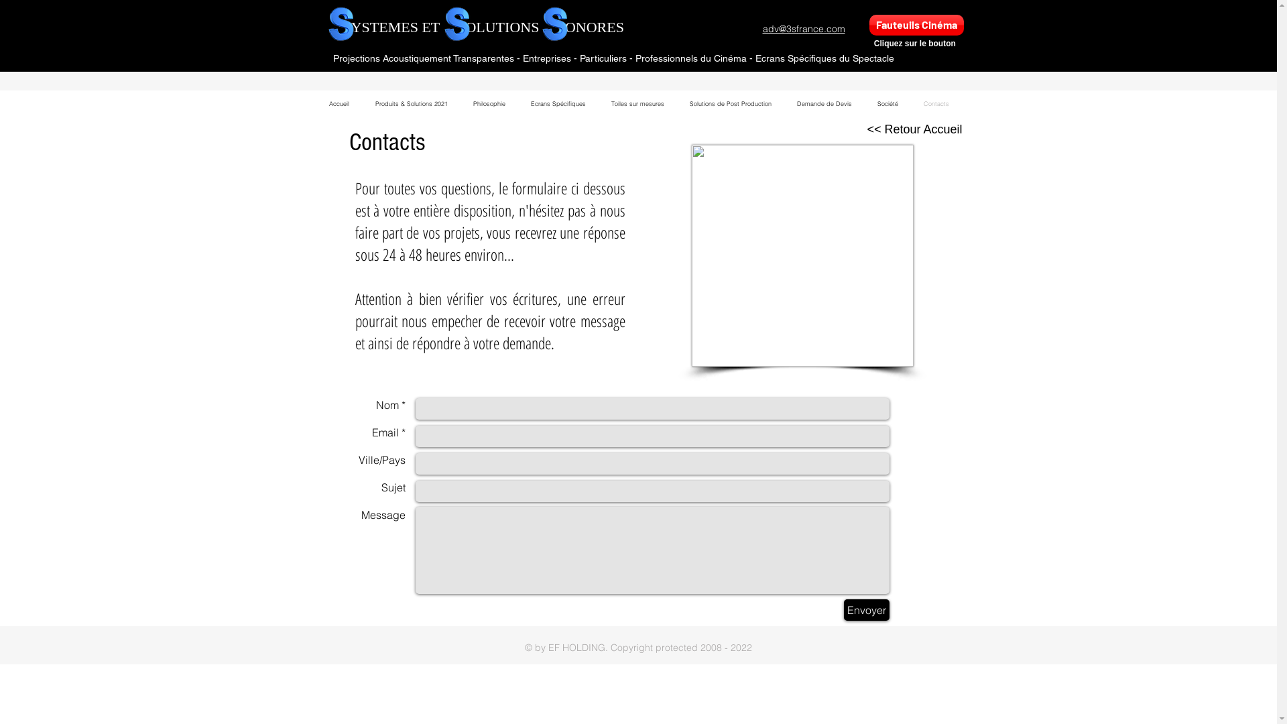 This screenshot has width=1287, height=724. What do you see at coordinates (729, 103) in the screenshot?
I see `'Solutions de Post Production'` at bounding box center [729, 103].